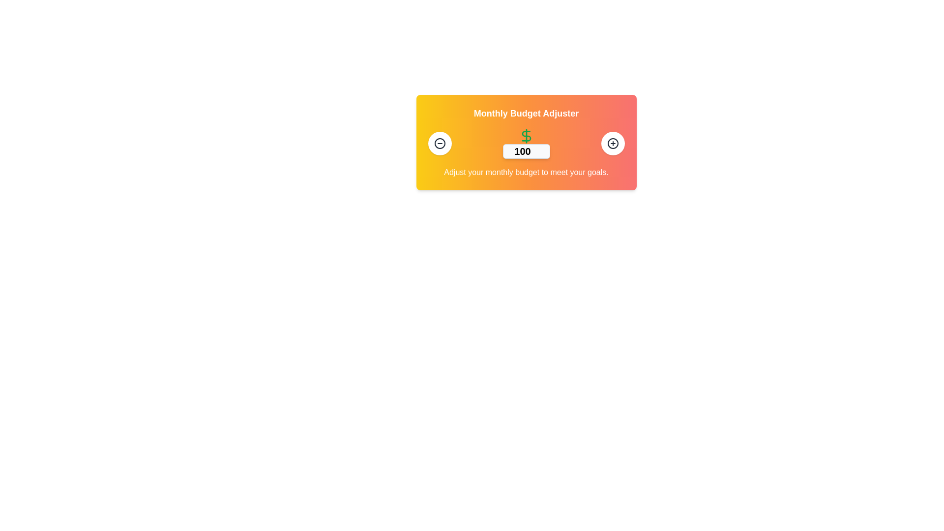 The image size is (944, 531). I want to click on the rectangular text input field with rounded corners that displays the value '100' in bold black text, which is centered within its light gray background, so click(526, 151).